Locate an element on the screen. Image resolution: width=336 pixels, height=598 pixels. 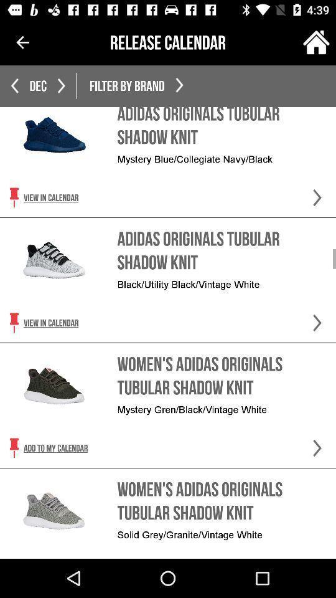
the arrow_backward icon is located at coordinates (14, 85).